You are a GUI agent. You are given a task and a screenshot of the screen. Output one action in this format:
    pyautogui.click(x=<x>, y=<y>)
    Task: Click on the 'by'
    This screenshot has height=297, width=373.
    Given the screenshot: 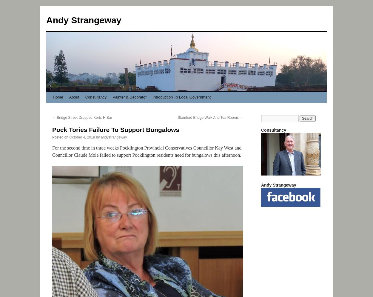 What is the action you would take?
    pyautogui.click(x=97, y=137)
    